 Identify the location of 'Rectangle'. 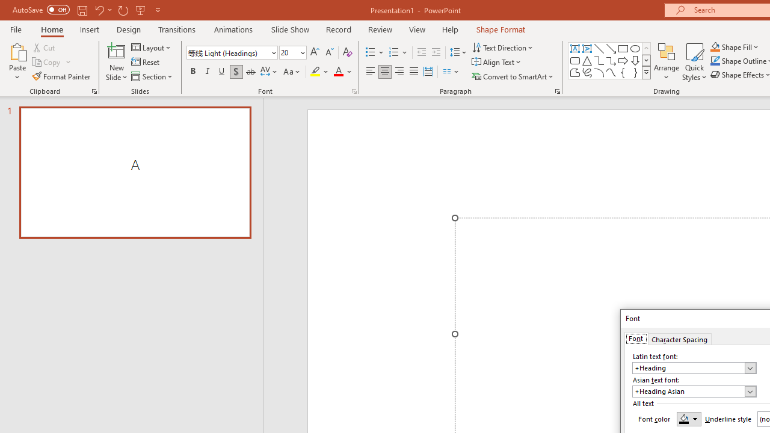
(623, 48).